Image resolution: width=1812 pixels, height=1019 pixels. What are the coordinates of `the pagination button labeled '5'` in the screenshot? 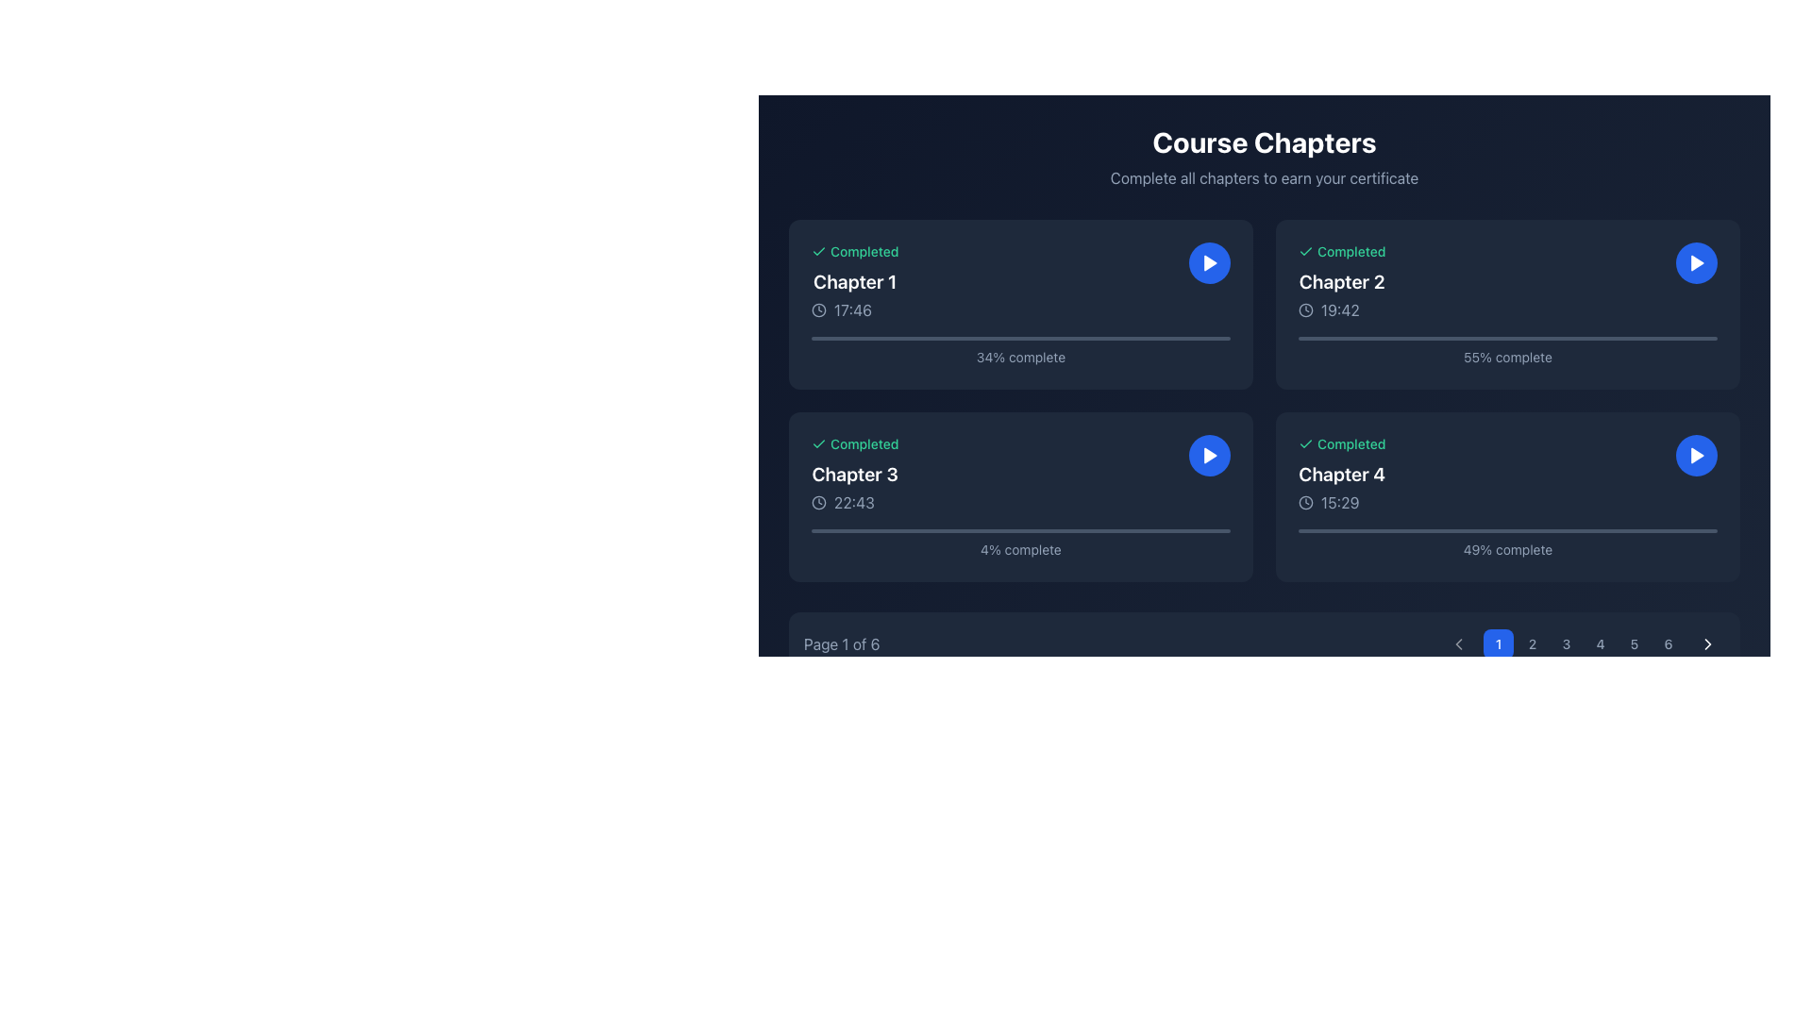 It's located at (1634, 643).